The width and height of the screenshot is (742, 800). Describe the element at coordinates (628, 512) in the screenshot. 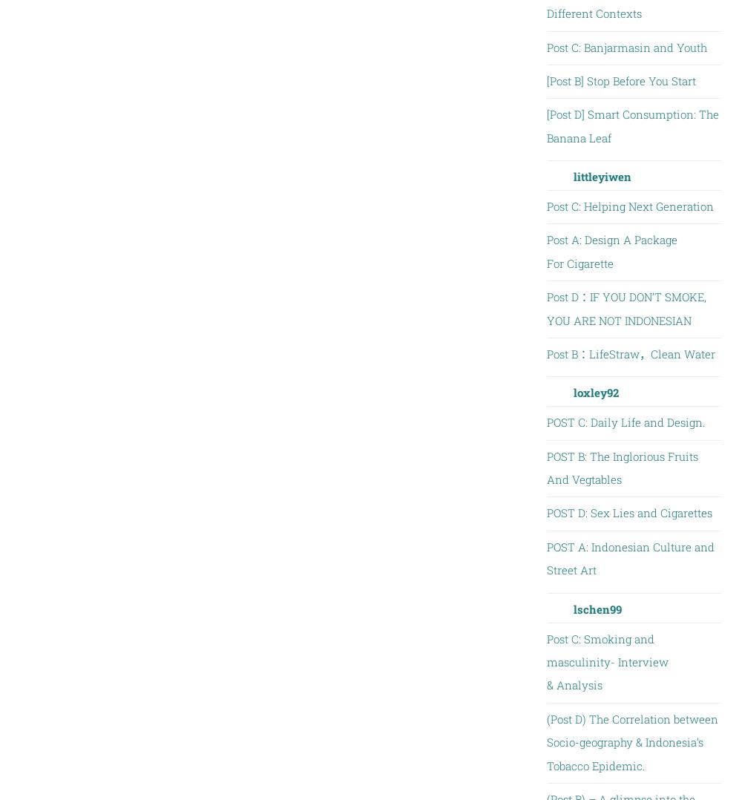

I see `'POST D: Sex Lies and Cigarettes'` at that location.